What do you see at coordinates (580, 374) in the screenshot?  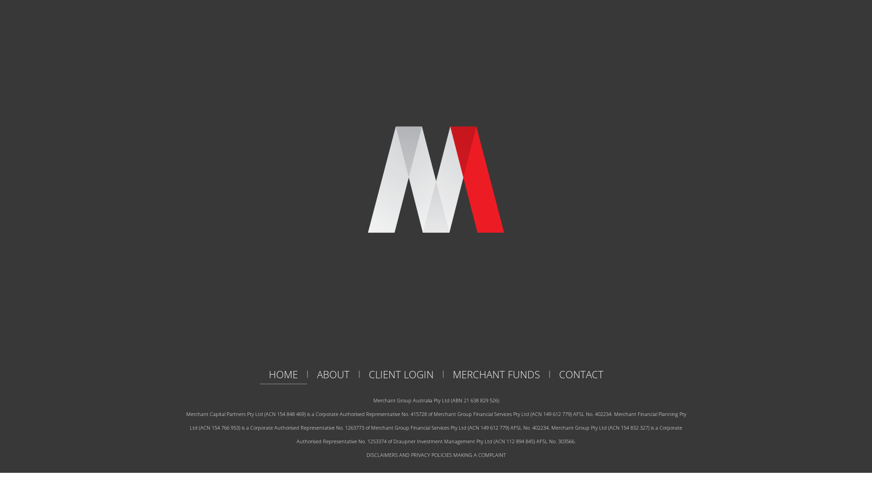 I see `'CONTACT'` at bounding box center [580, 374].